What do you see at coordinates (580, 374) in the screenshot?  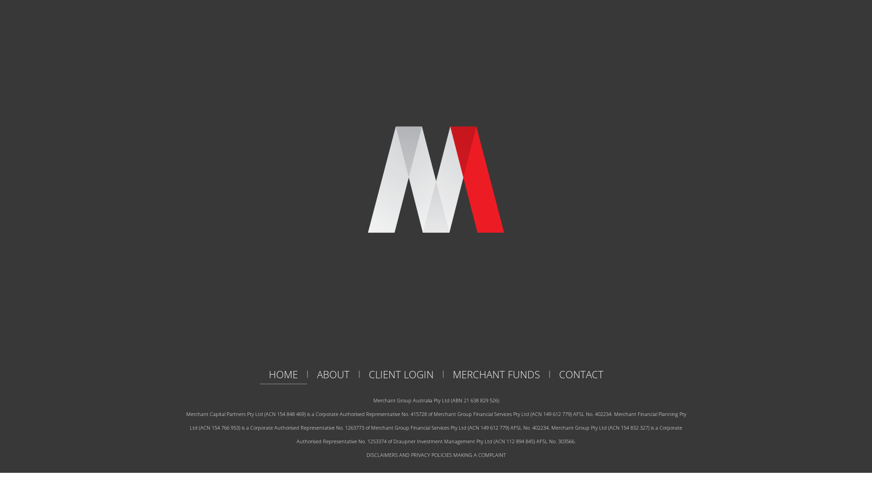 I see `'CONTACT'` at bounding box center [580, 374].